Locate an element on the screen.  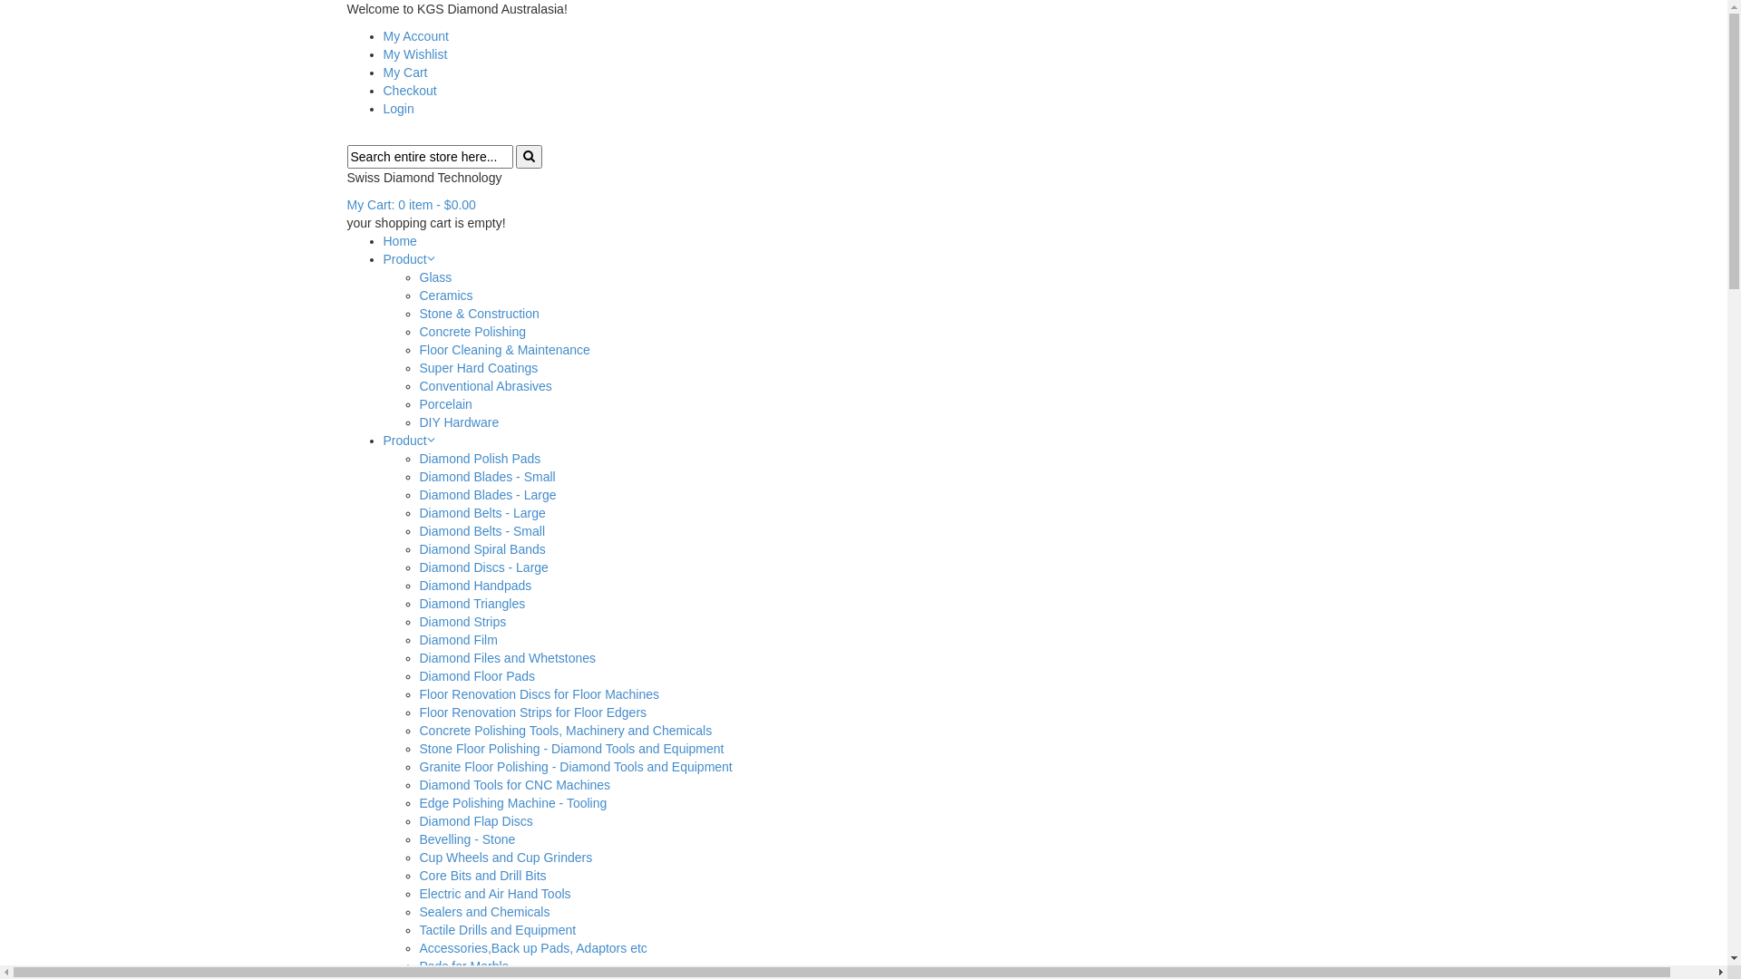
'My Account' is located at coordinates (413, 35).